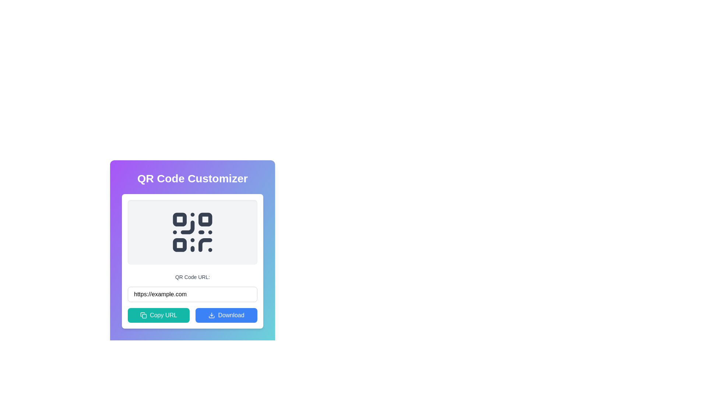 The image size is (707, 397). What do you see at coordinates (158, 315) in the screenshot?
I see `the 'Copy URL' button, which is the first button in a grid layout` at bounding box center [158, 315].